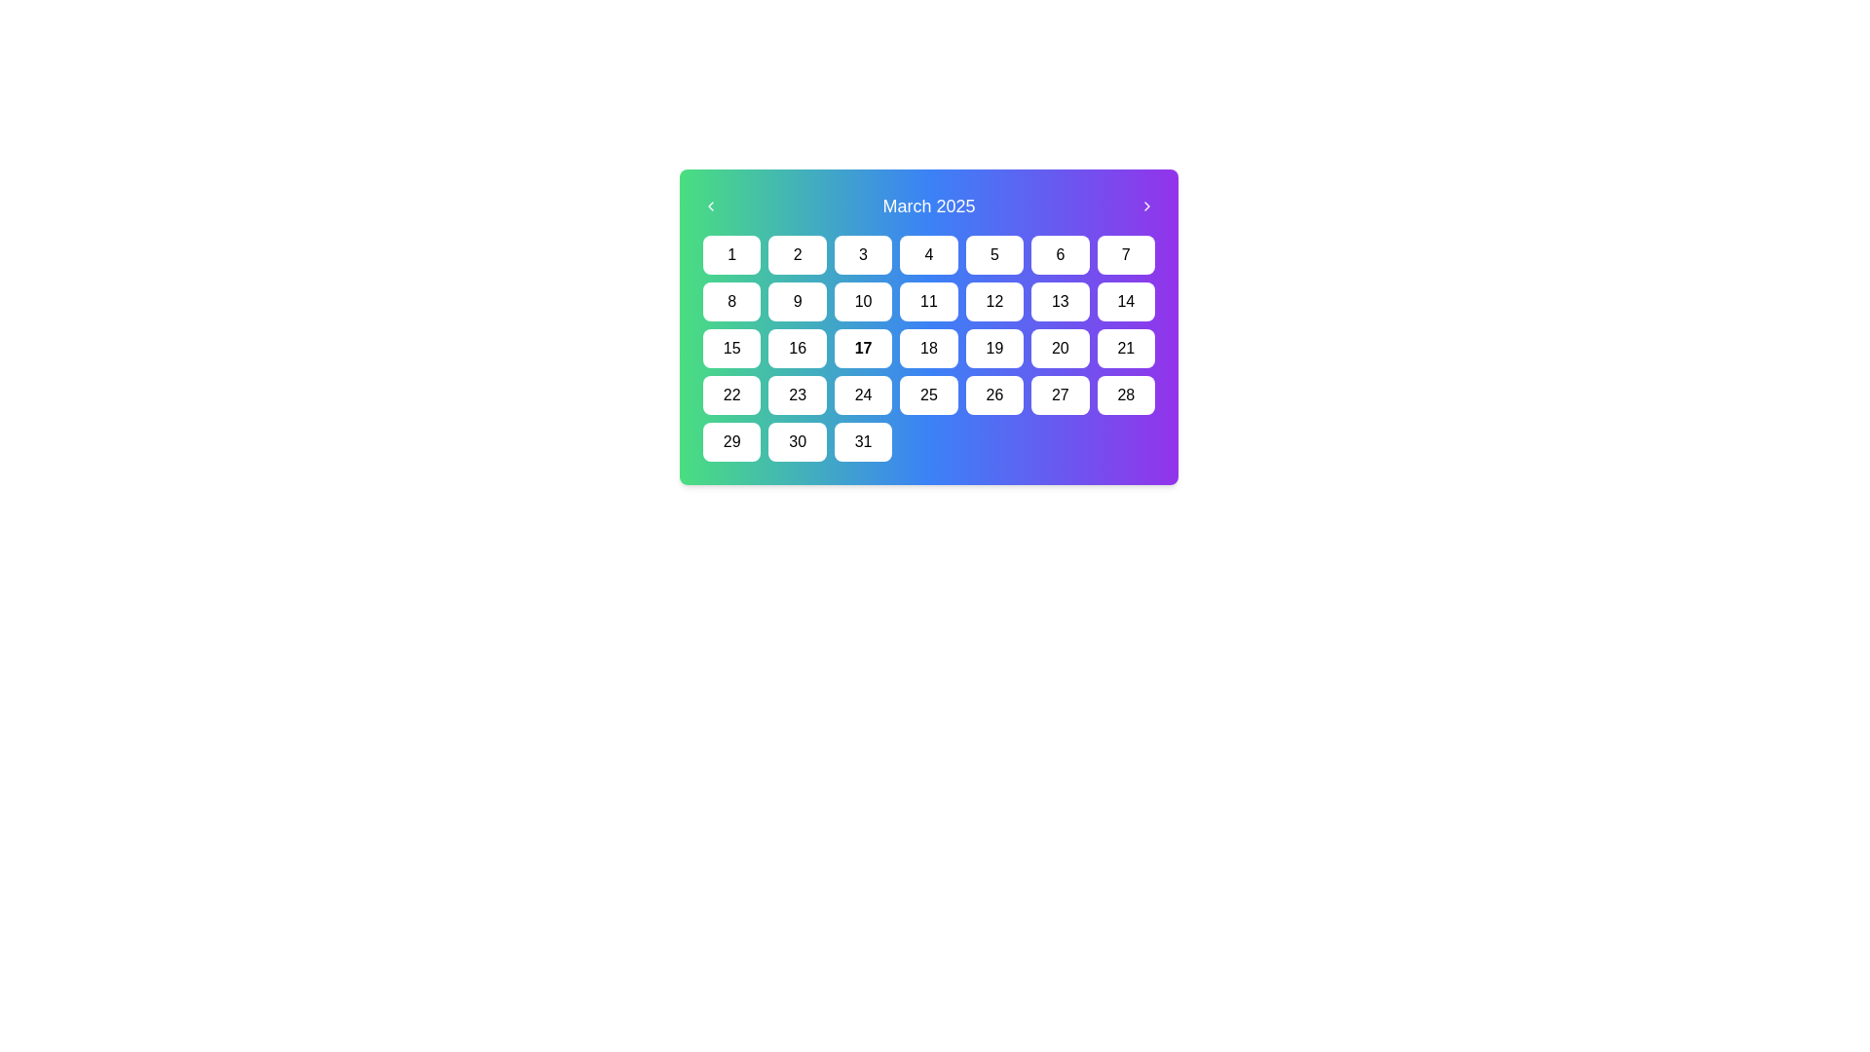 Image resolution: width=1870 pixels, height=1052 pixels. Describe the element at coordinates (709, 207) in the screenshot. I see `the navigation button located to the left of the title 'March 2025'` at that location.